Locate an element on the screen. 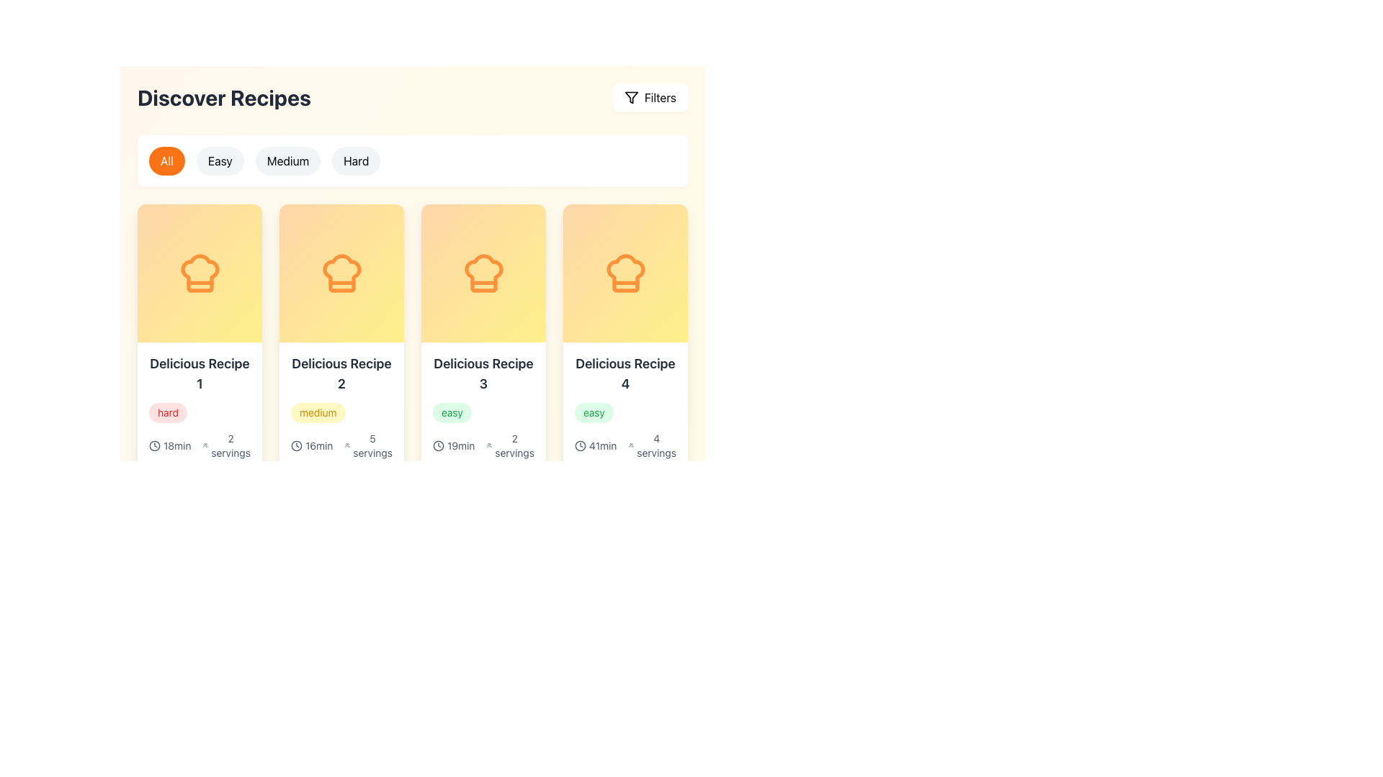 The image size is (1383, 777). text content of the Label with an icon displaying the preparation time for the recipe under 'Delicious Recipe 4' in the lower-left area is located at coordinates (599, 445).